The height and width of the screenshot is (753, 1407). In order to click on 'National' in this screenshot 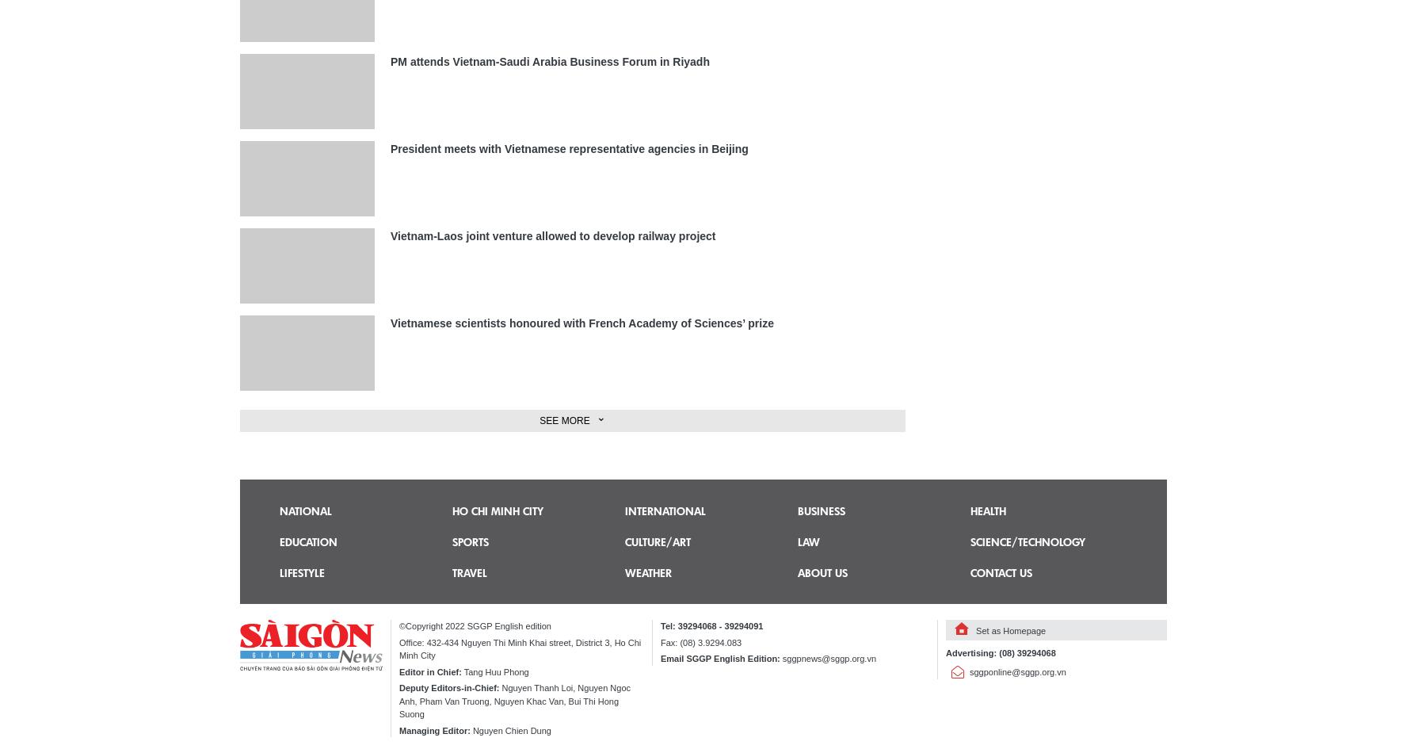, I will do `click(305, 510)`.